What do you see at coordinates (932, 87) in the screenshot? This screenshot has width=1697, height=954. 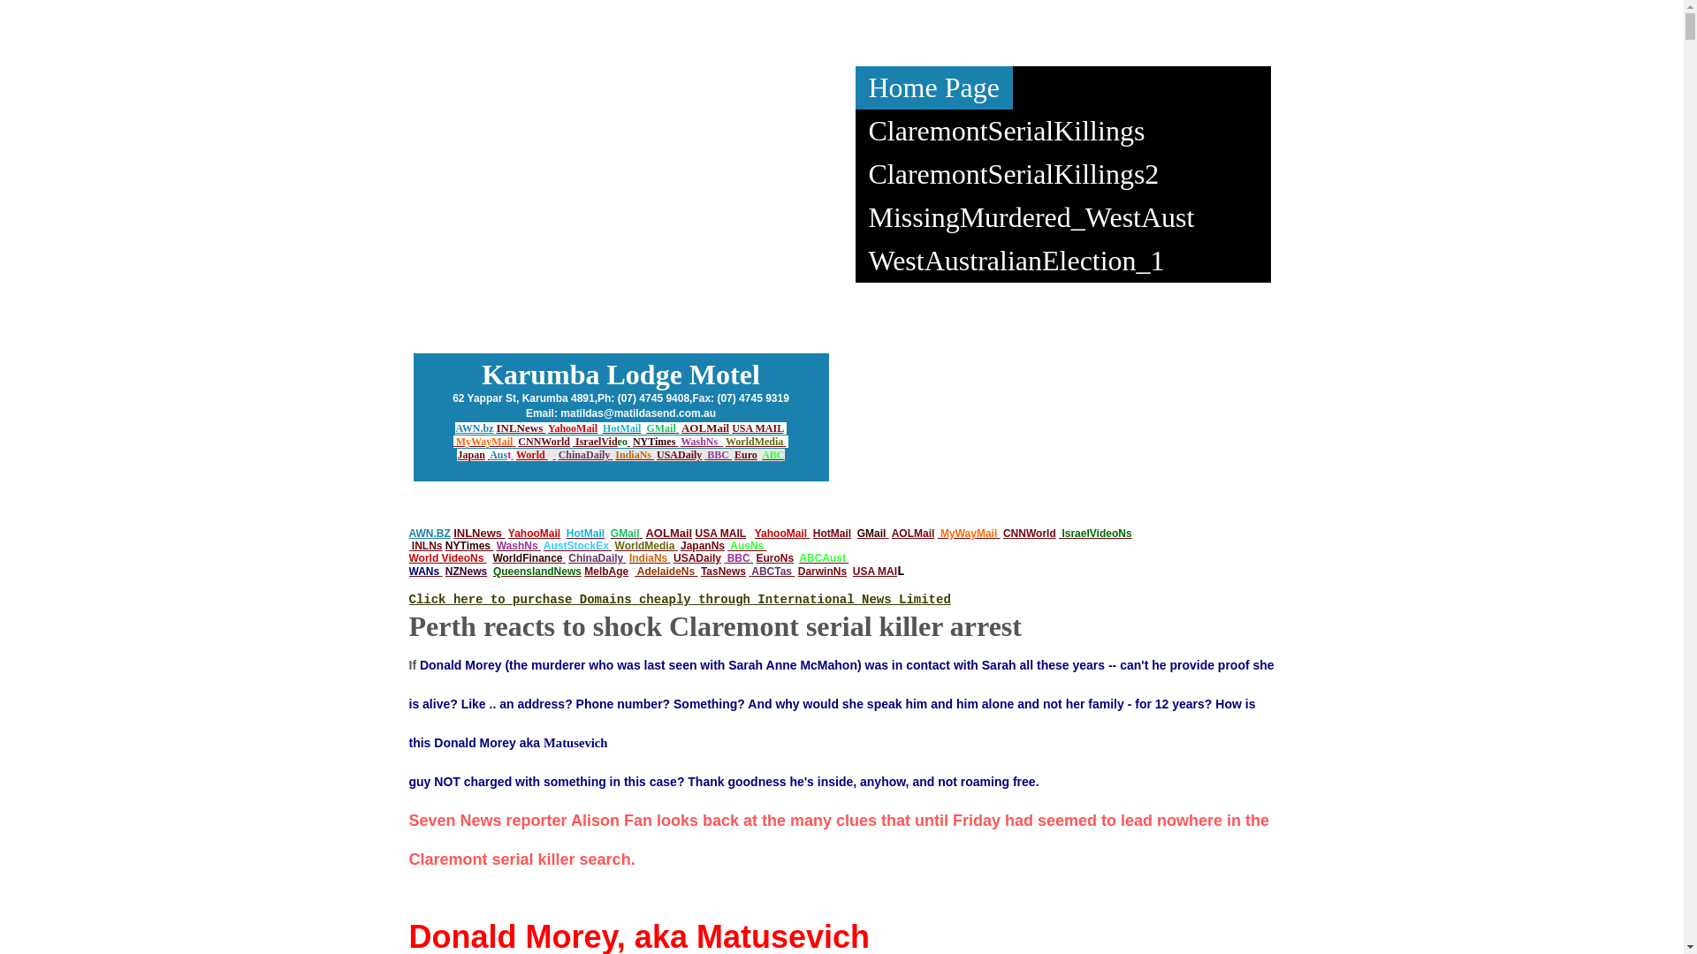 I see `'Home Page'` at bounding box center [932, 87].